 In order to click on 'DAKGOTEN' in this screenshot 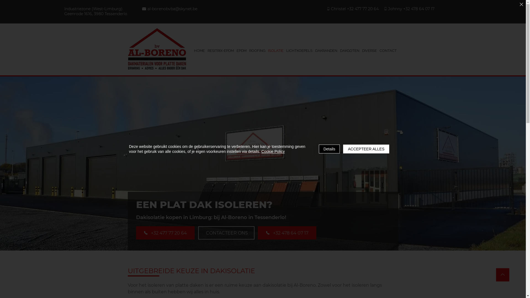, I will do `click(349, 50)`.